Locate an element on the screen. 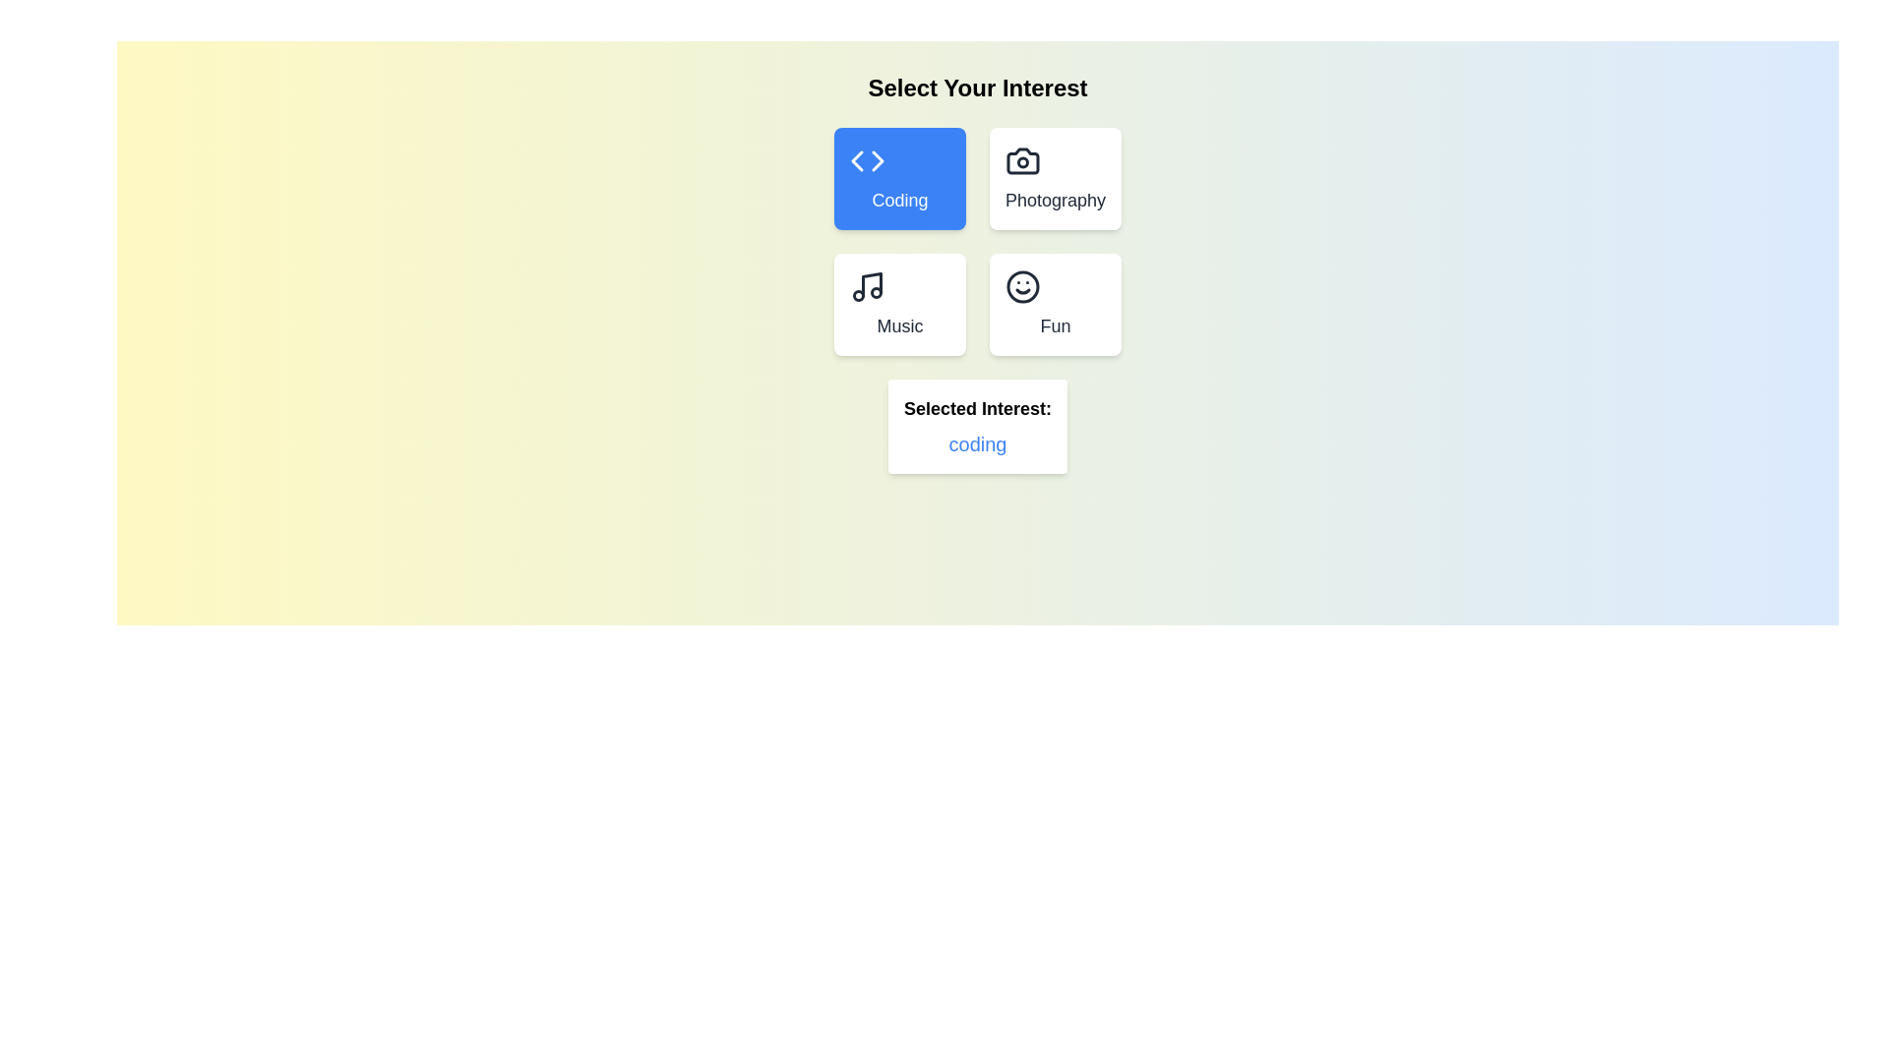  the button corresponding to the interest Coding is located at coordinates (898, 178).